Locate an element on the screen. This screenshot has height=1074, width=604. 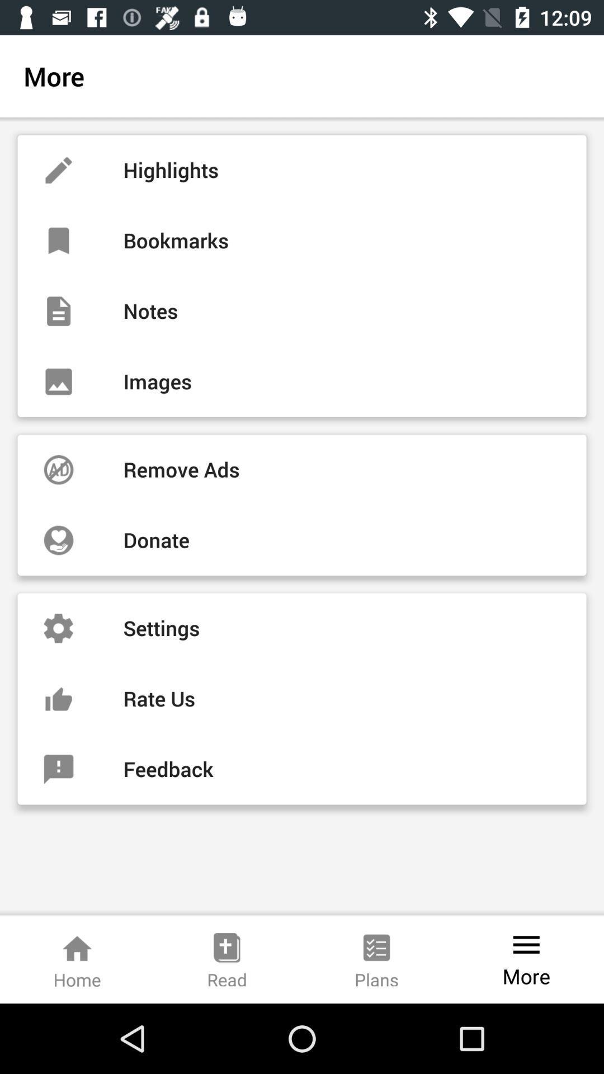
the icon below the donate is located at coordinates (302, 628).